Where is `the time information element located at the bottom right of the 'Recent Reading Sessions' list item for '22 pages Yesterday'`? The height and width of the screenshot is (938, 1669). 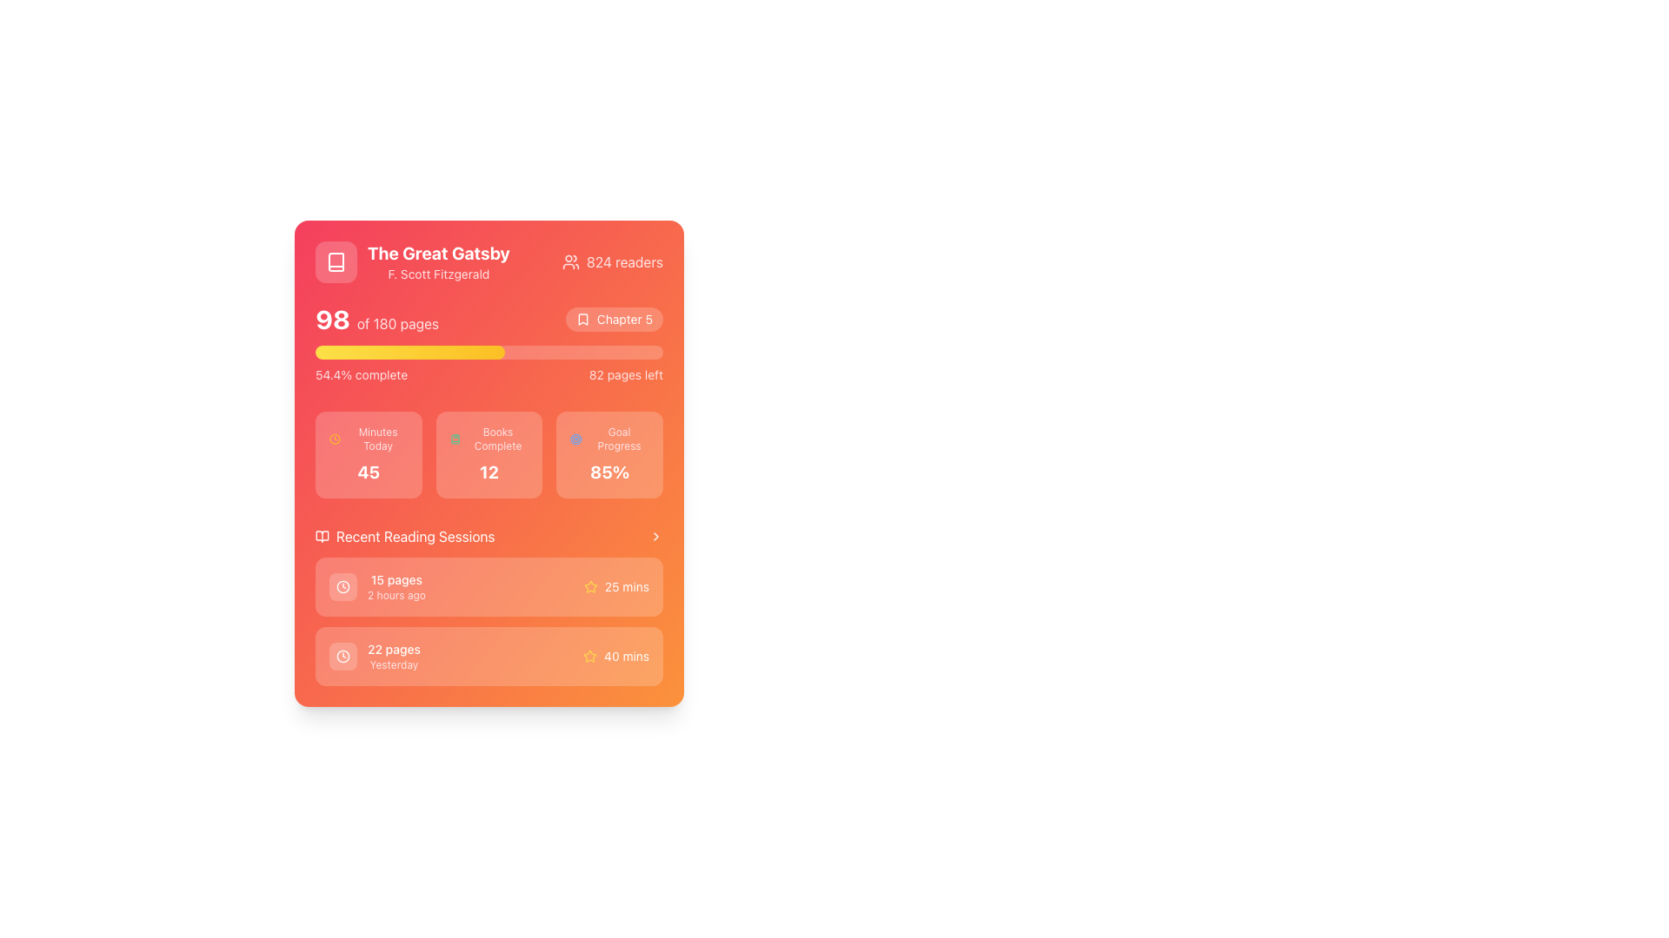 the time information element located at the bottom right of the 'Recent Reading Sessions' list item for '22 pages Yesterday' is located at coordinates (616, 657).